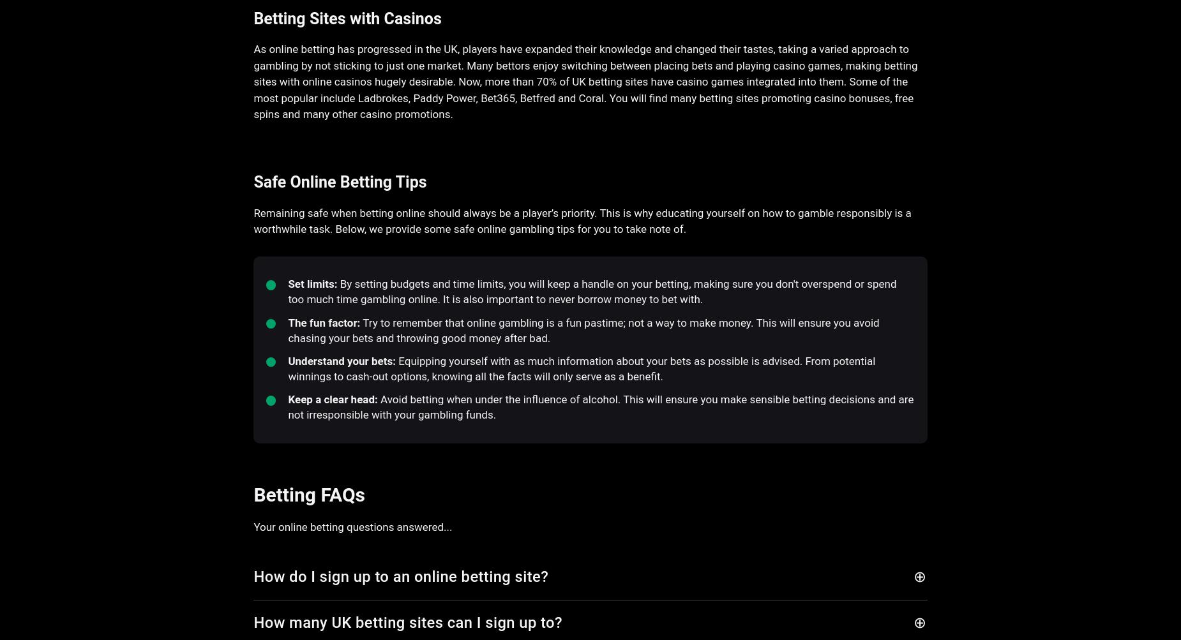  I want to click on 'Betting FAQs', so click(309, 494).